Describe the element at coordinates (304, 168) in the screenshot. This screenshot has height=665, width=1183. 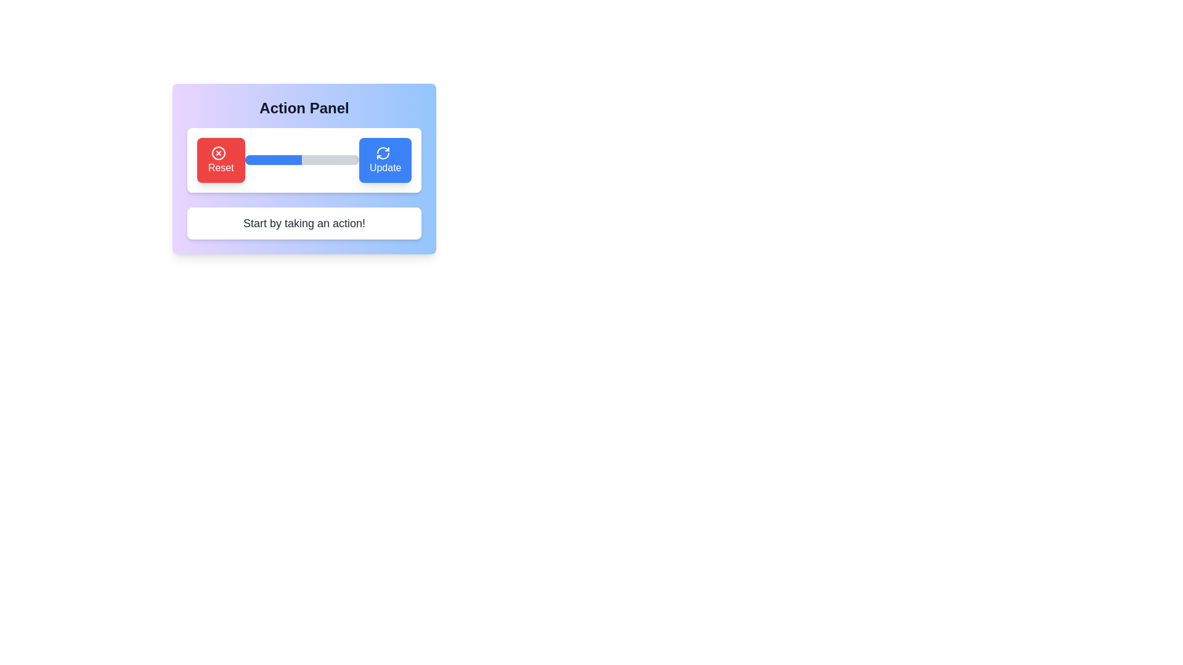
I see `the Interactive Panel element which features a gradient from purple to blue and contains the text 'Action Panel' at the top, with buttons 'Reset' and 'Update'` at that location.